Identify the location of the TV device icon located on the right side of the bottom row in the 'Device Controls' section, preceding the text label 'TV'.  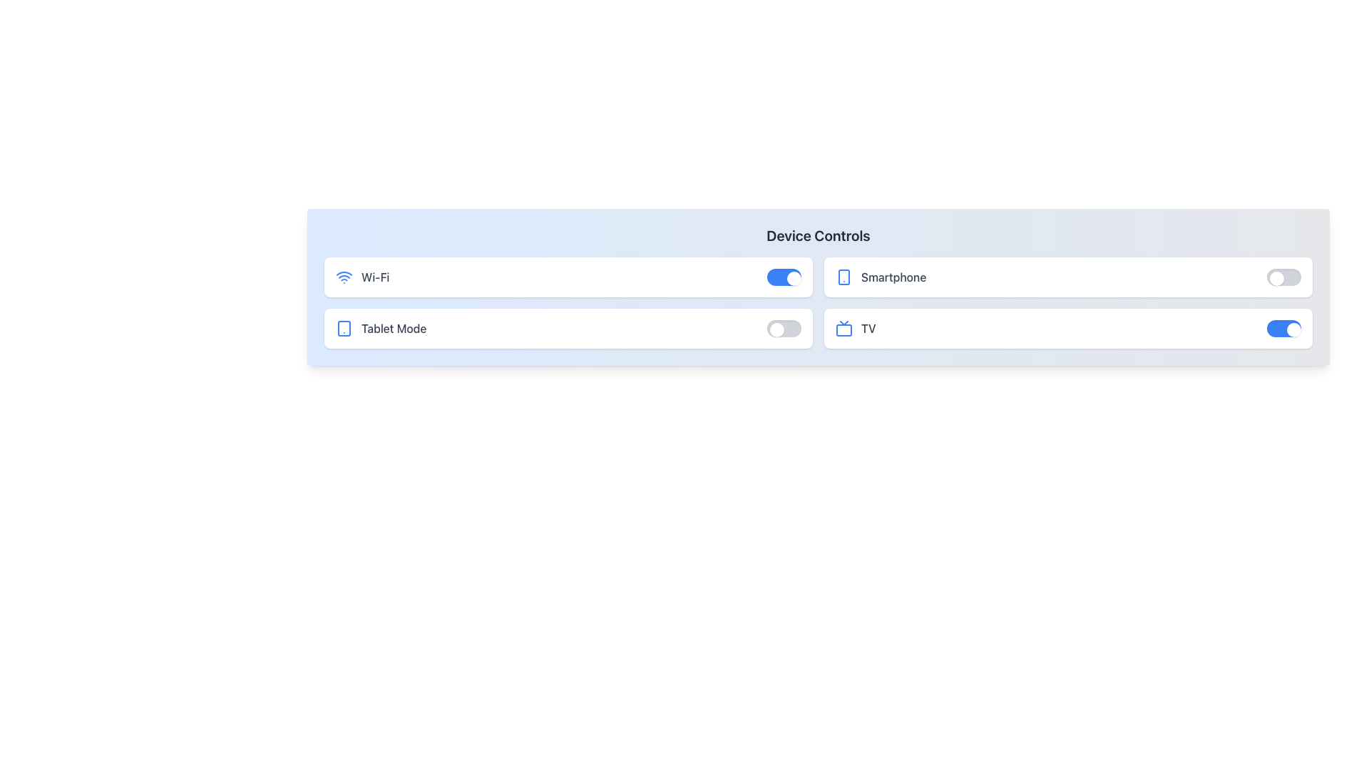
(844, 329).